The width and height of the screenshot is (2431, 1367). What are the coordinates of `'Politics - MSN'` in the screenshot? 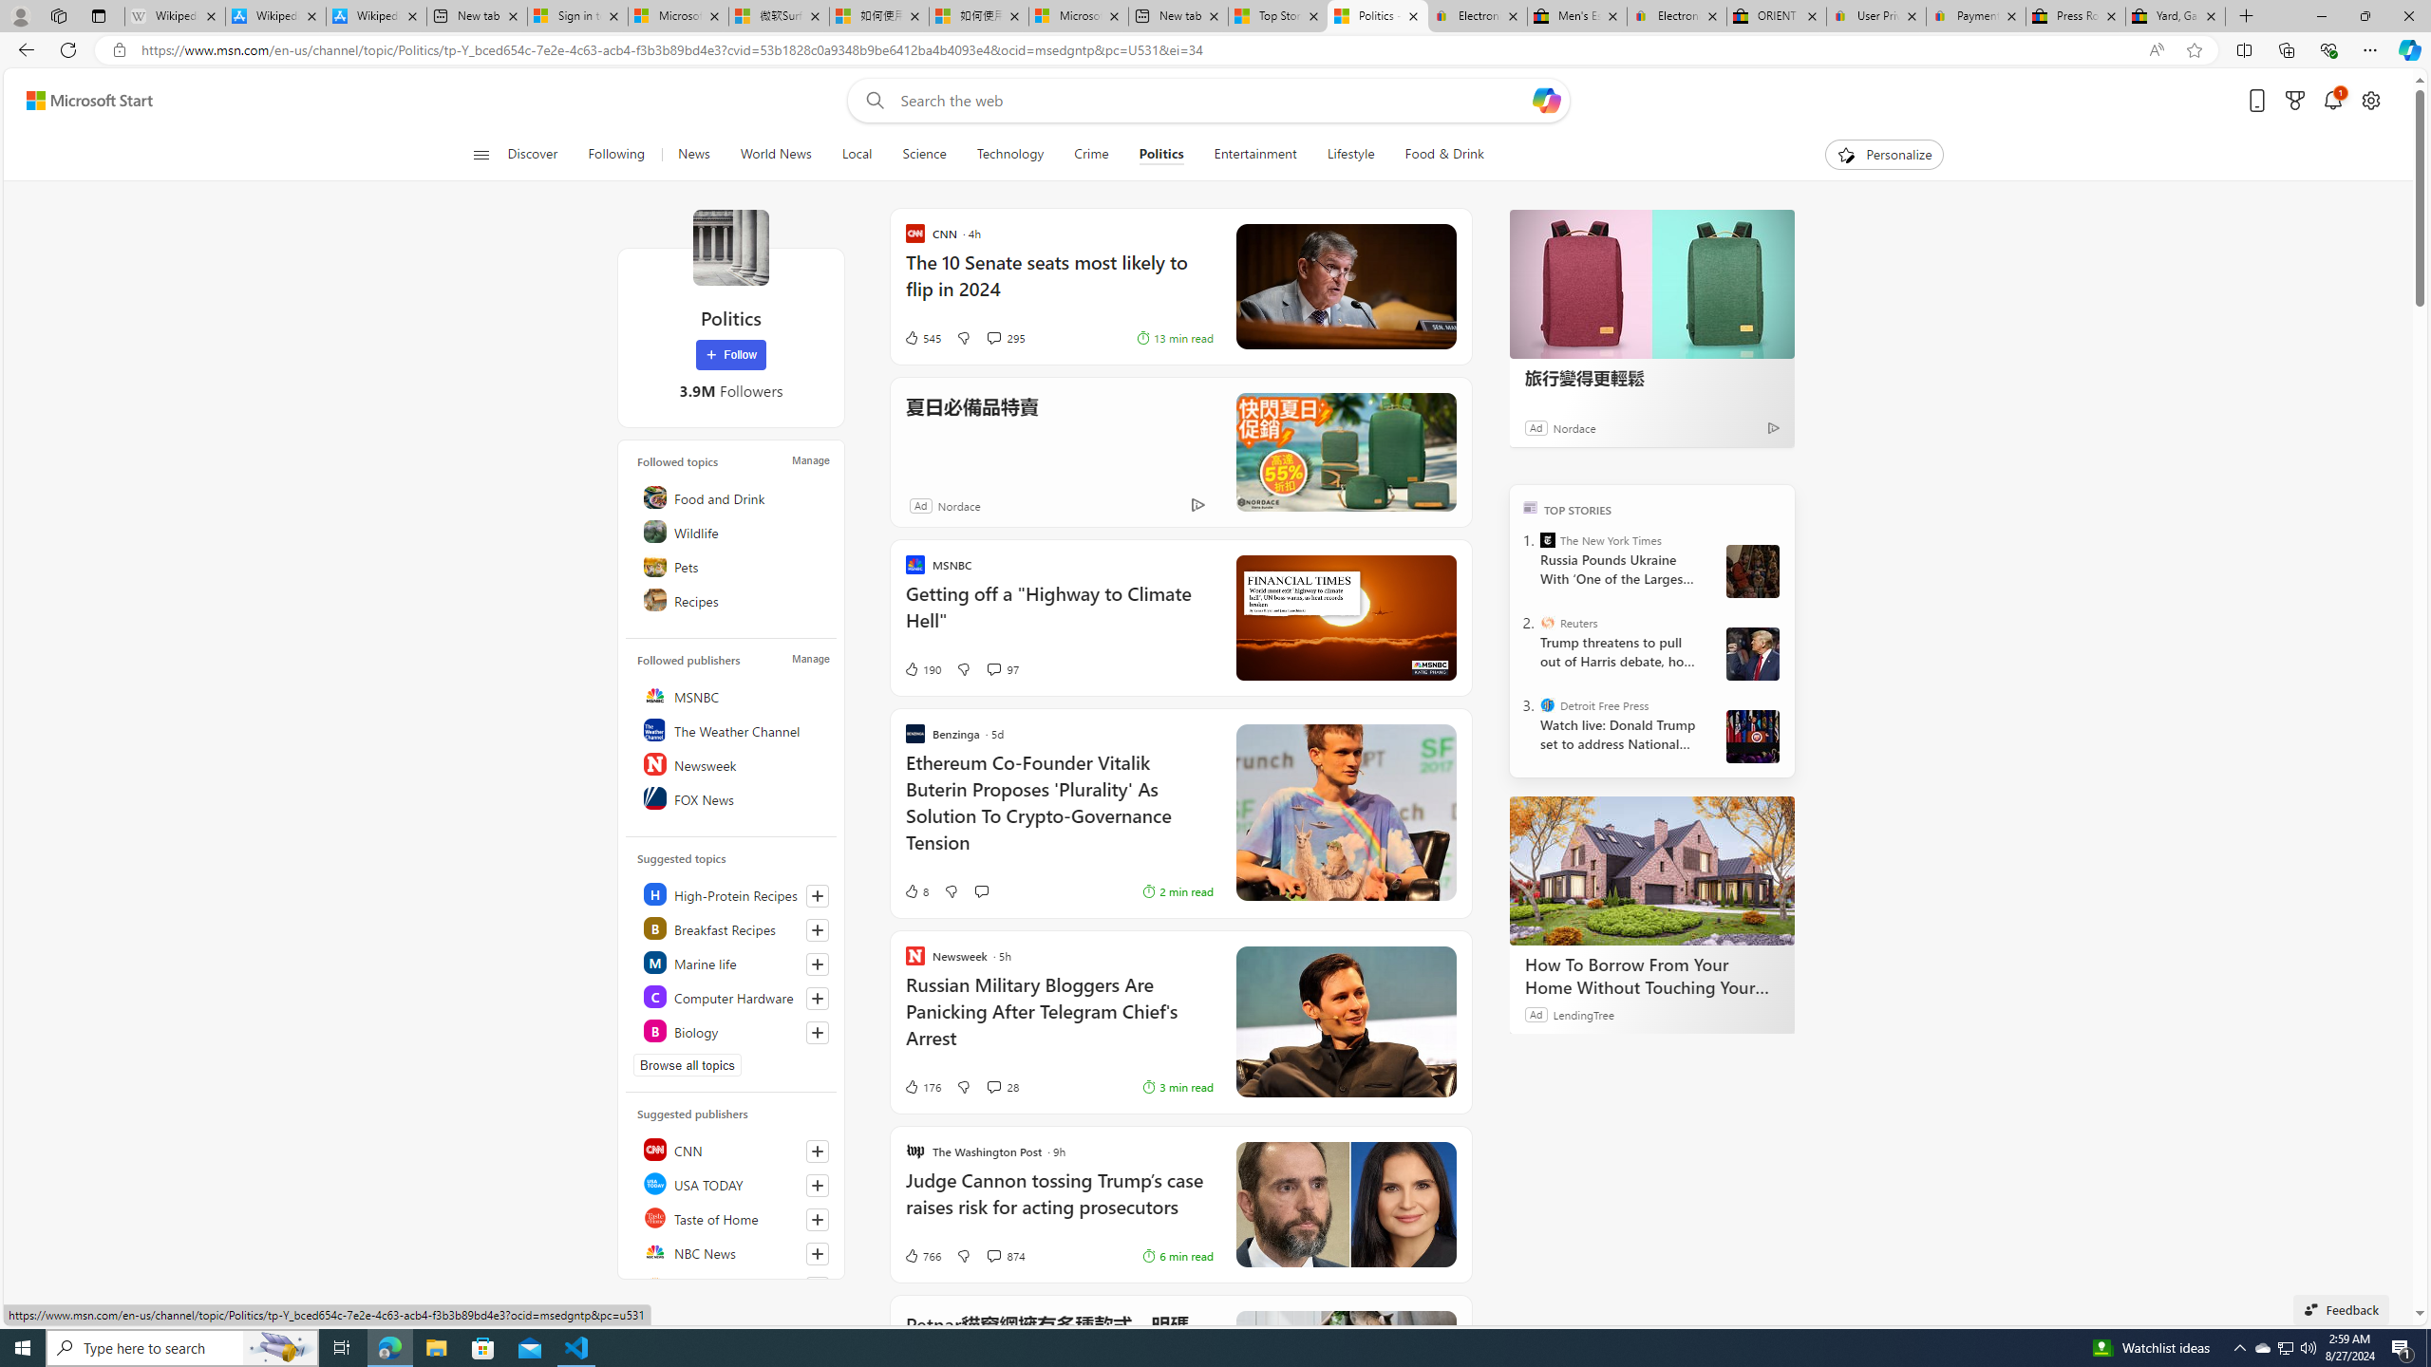 It's located at (1378, 15).